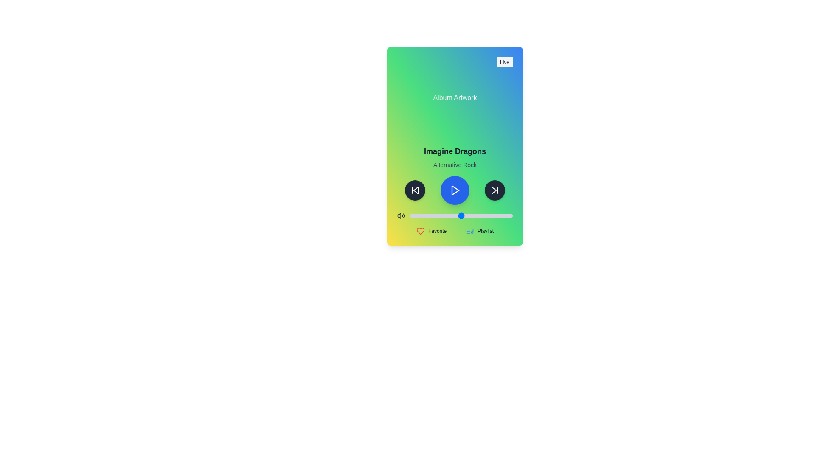  Describe the element at coordinates (420, 231) in the screenshot. I see `the 'favorite' button located beneath the audio player controls, to the left of the 'Favorite' label, indicating its function to mark items as favorite` at that location.